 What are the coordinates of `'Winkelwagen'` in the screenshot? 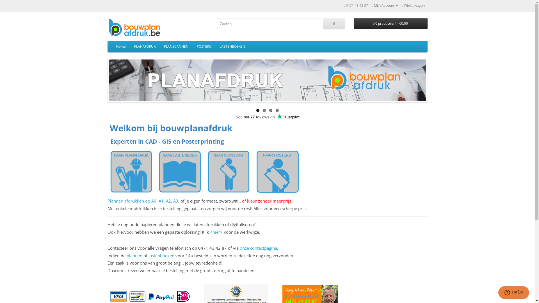 It's located at (413, 5).